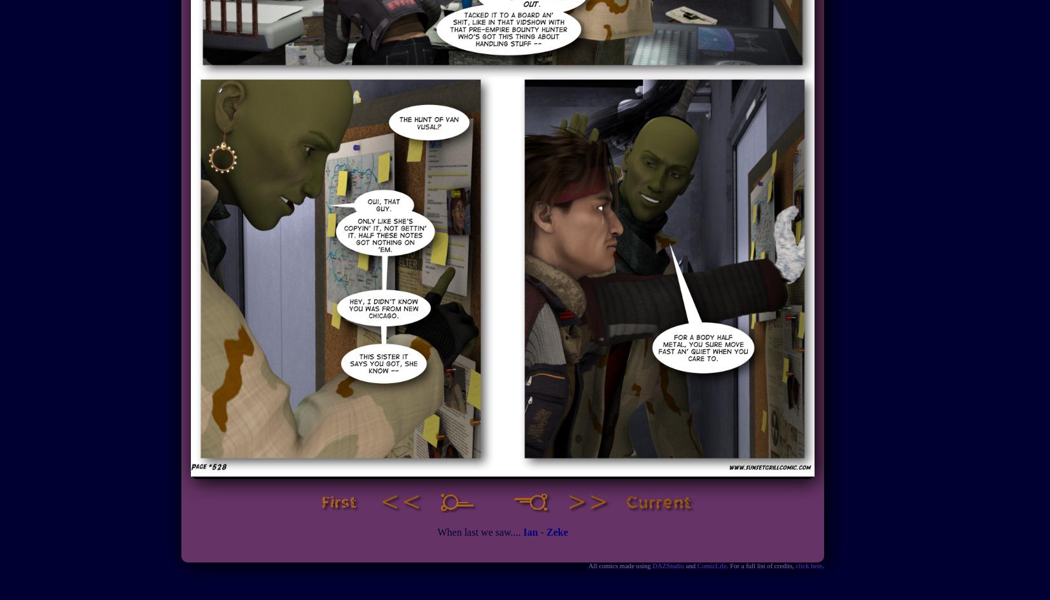 The height and width of the screenshot is (600, 1050). What do you see at coordinates (530, 531) in the screenshot?
I see `'Ian'` at bounding box center [530, 531].